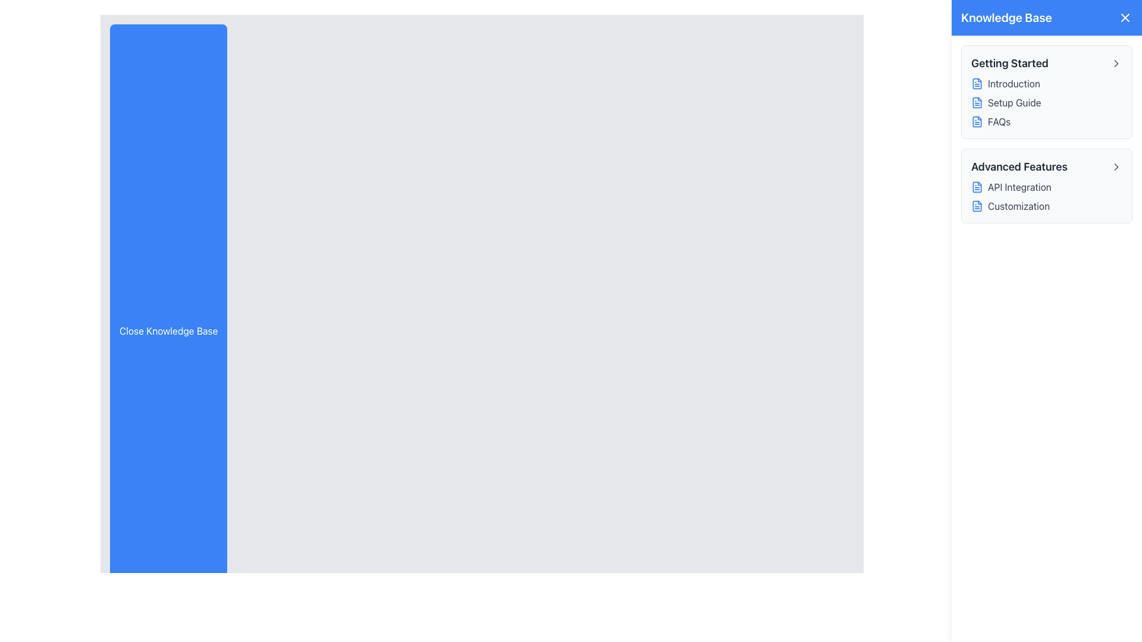  I want to click on the 'Setup Guide' icon located in the 'Getting Started' panel, so click(977, 102).